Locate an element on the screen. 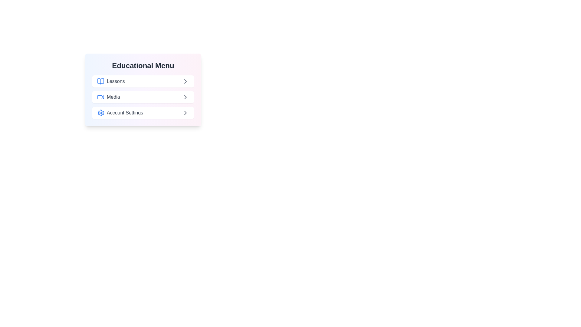  the actionable icon located to the right of the 'Media' menu item in the Educational Menu interface is located at coordinates (185, 97).